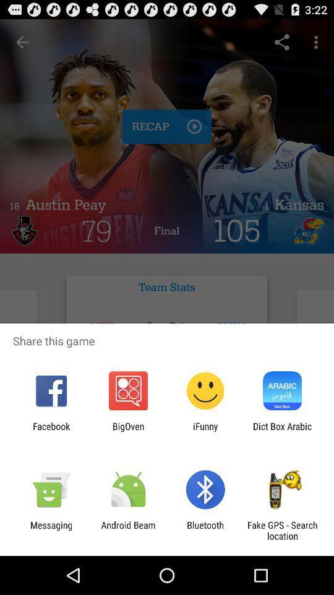  Describe the element at coordinates (205, 431) in the screenshot. I see `item next to the dict box arabic app` at that location.